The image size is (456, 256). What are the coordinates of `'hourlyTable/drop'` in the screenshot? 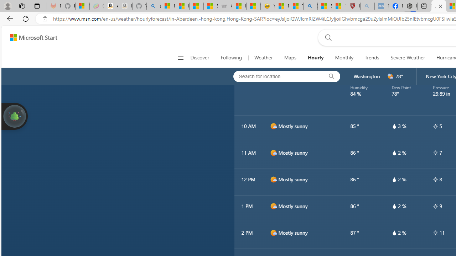 It's located at (394, 233).